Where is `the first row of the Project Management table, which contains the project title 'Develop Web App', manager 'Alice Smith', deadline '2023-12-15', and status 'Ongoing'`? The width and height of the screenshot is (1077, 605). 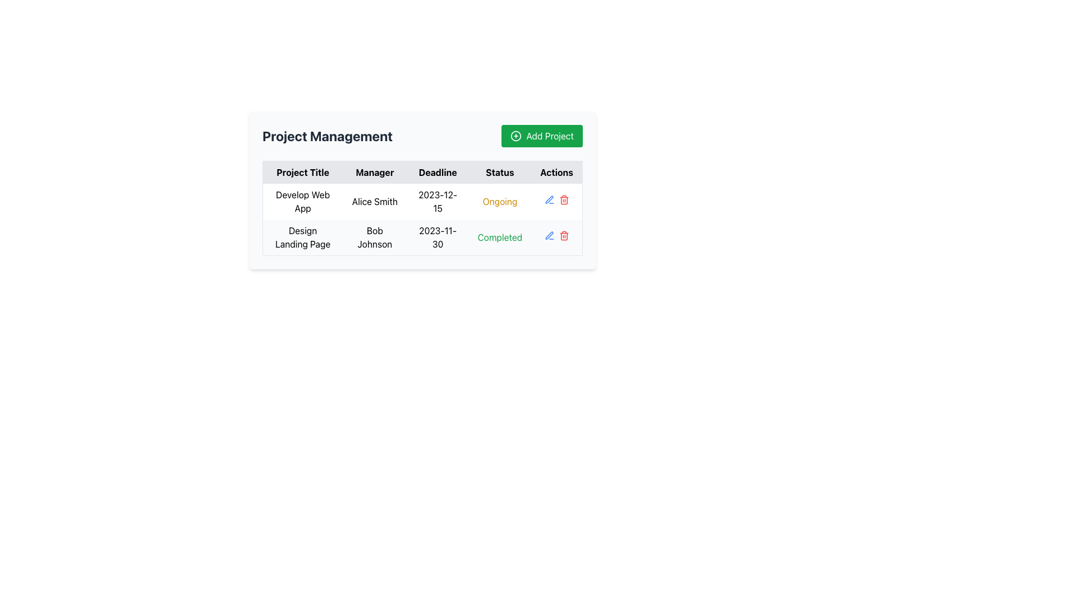 the first row of the Project Management table, which contains the project title 'Develop Web App', manager 'Alice Smith', deadline '2023-12-15', and status 'Ongoing' is located at coordinates (422, 201).